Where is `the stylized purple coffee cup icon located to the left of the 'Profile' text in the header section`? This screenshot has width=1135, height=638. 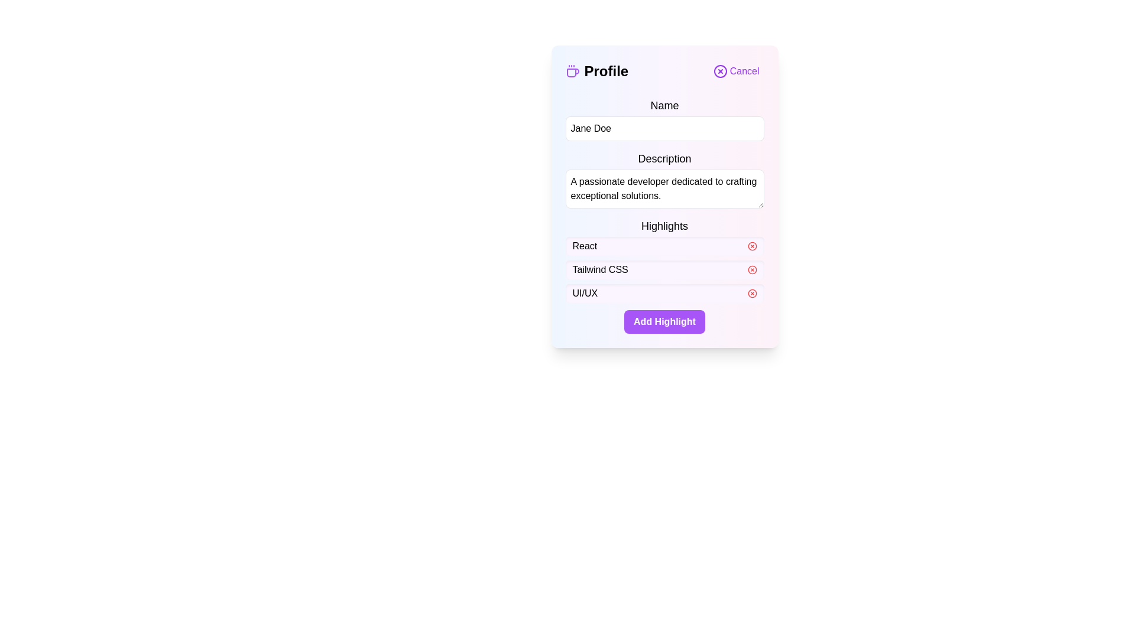
the stylized purple coffee cup icon located to the left of the 'Profile' text in the header section is located at coordinates (572, 71).